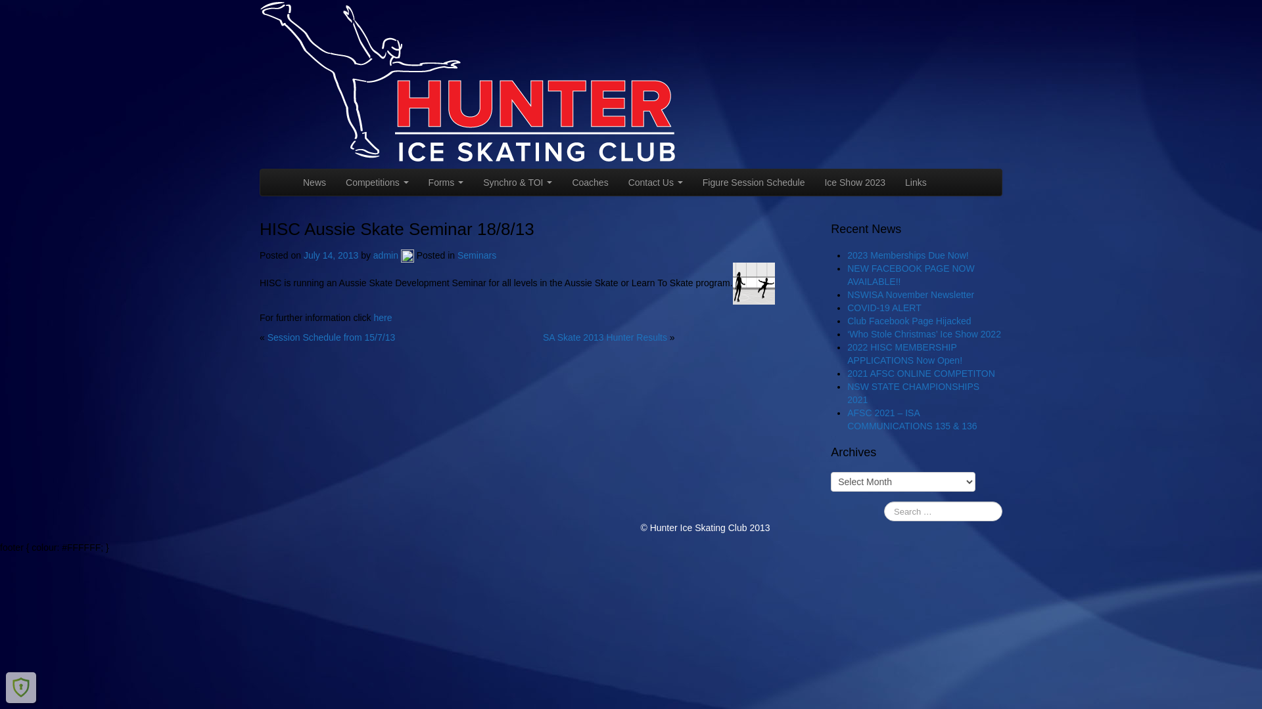 The image size is (1262, 709). I want to click on 'COVID-19 ALERT', so click(884, 308).